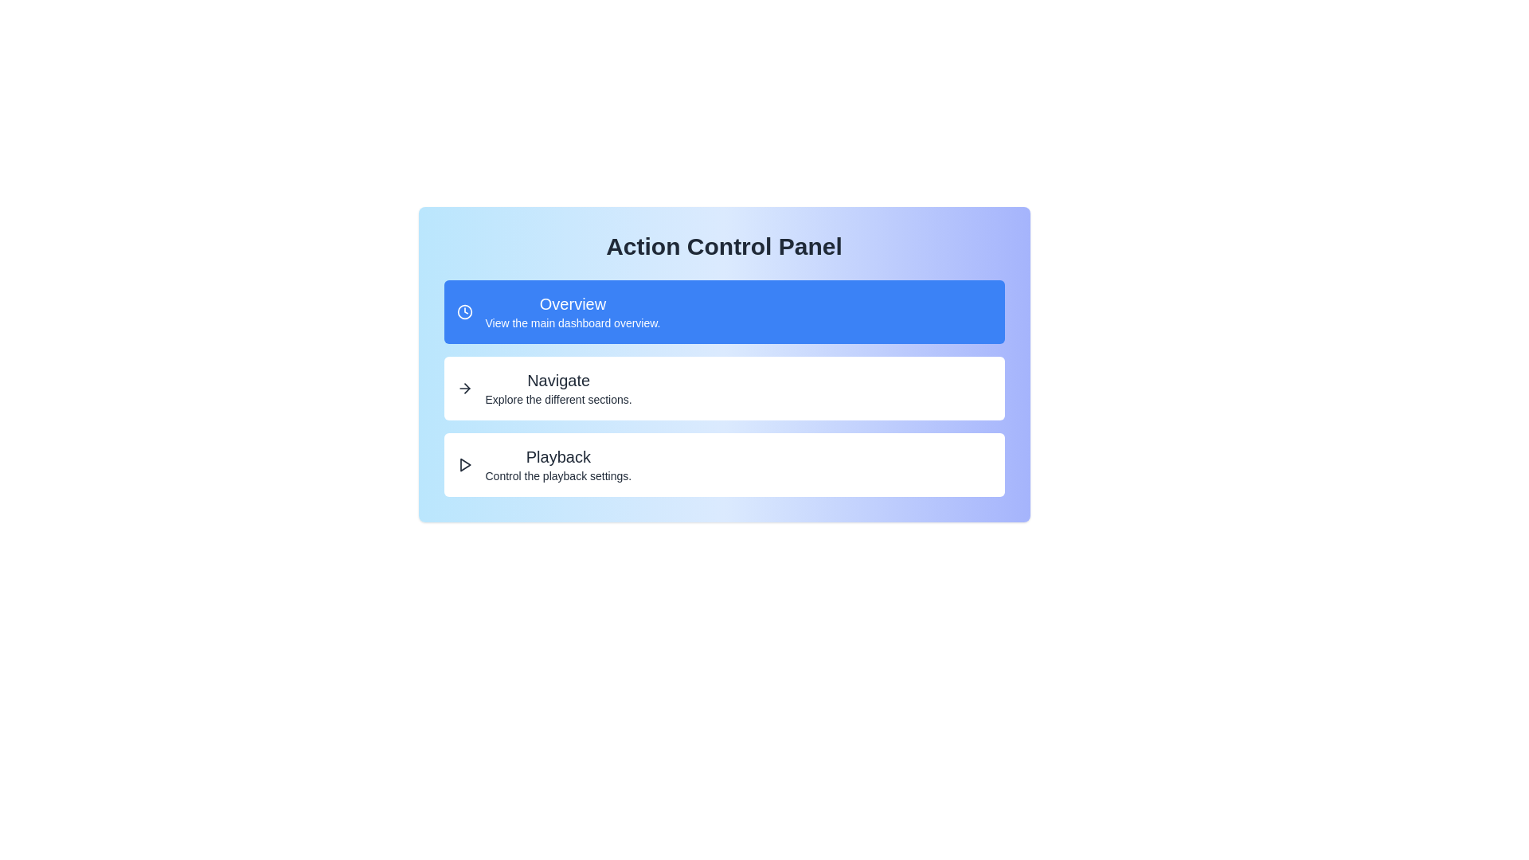 The width and height of the screenshot is (1529, 860). What do you see at coordinates (723, 389) in the screenshot?
I see `the middle interactive card in the vertical stack of three cards` at bounding box center [723, 389].